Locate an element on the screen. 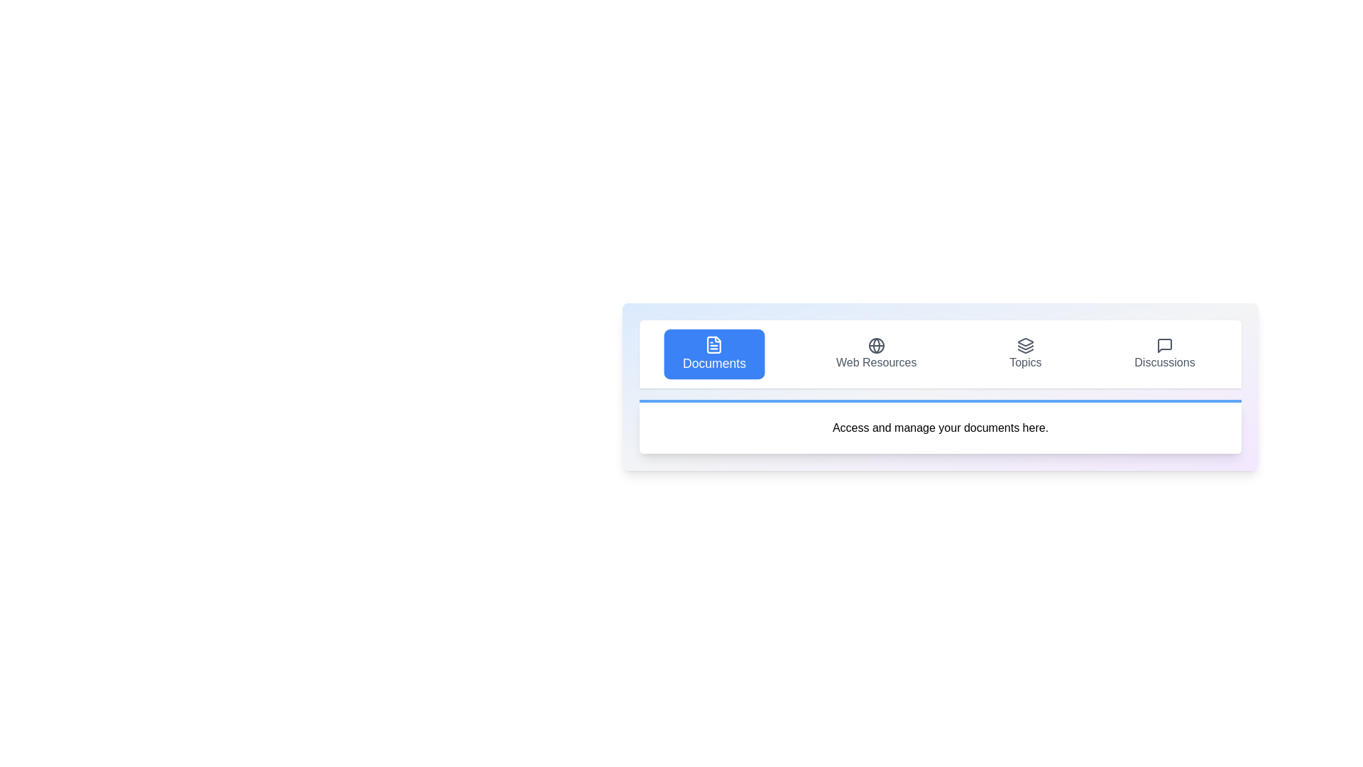 This screenshot has width=1363, height=767. the tab labeled Web Resources to observe its hover effect is located at coordinates (875, 353).